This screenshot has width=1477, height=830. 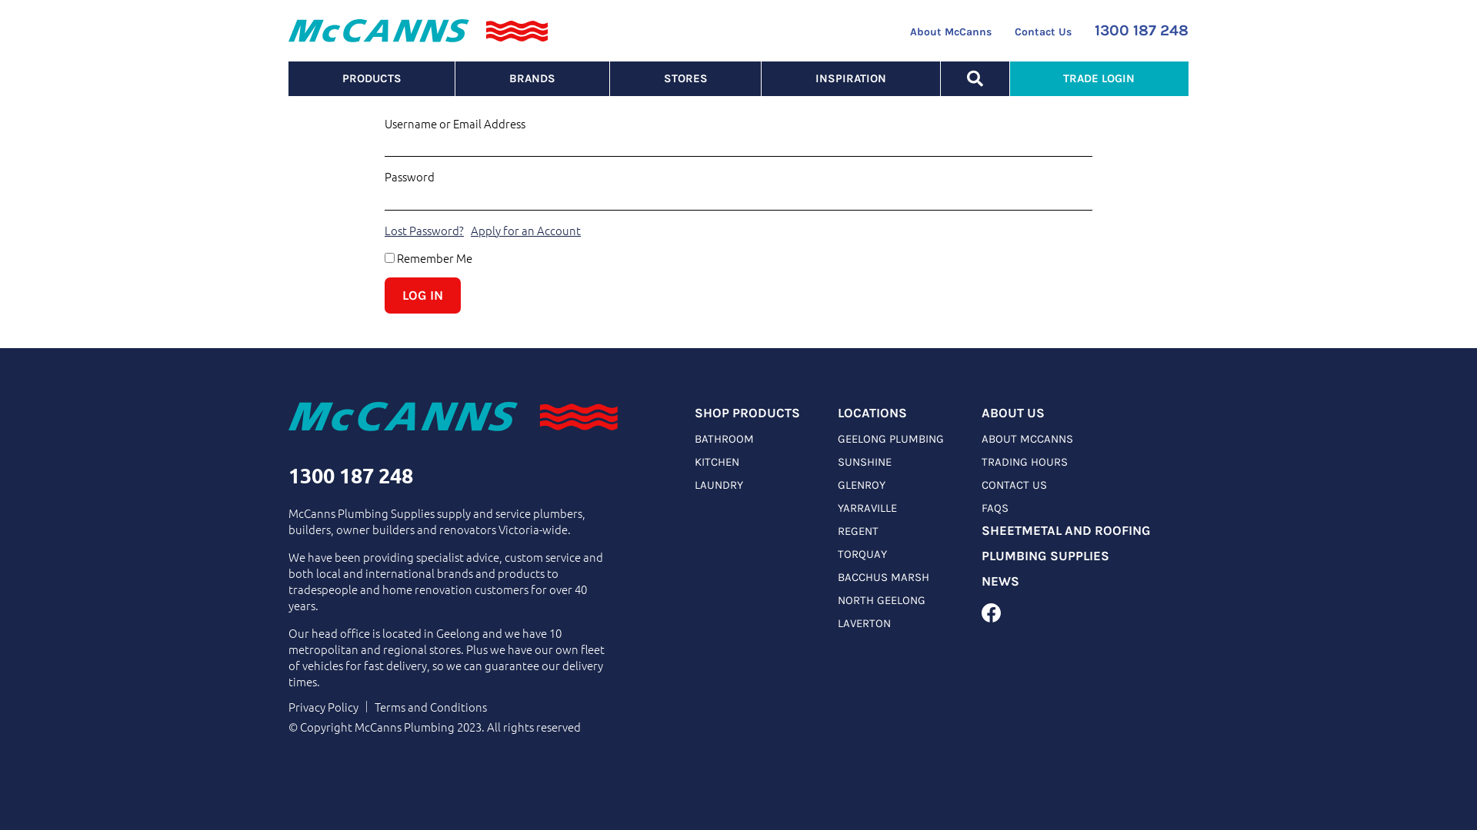 I want to click on 'Lost Password?', so click(x=424, y=229).